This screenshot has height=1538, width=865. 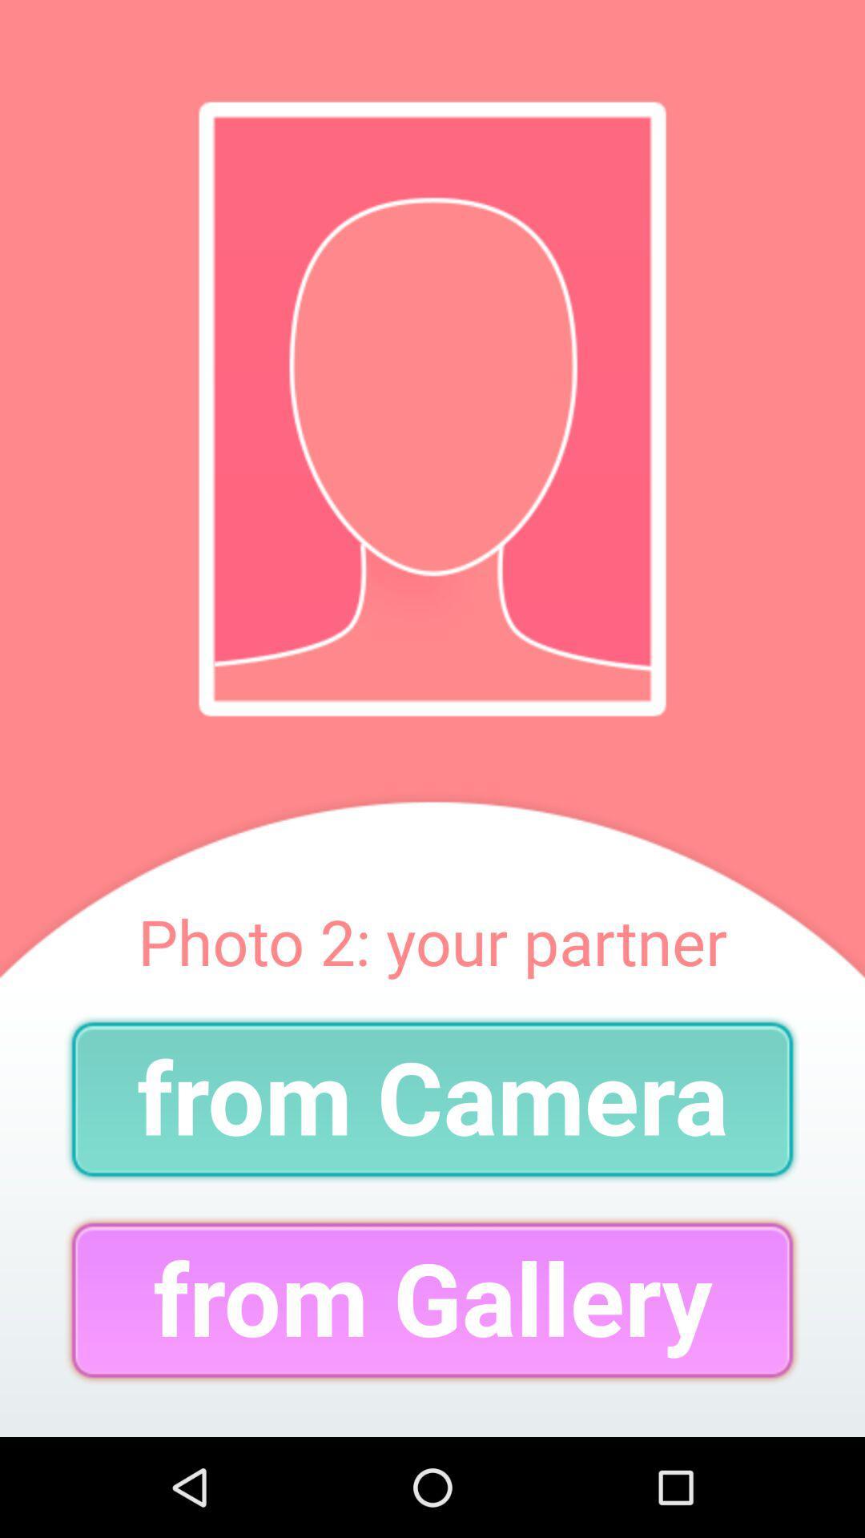 I want to click on the item below the from camera, so click(x=432, y=1300).